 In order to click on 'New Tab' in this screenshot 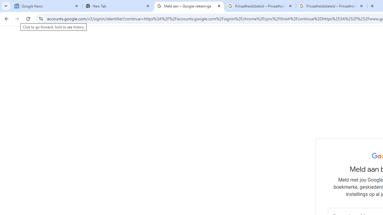, I will do `click(118, 6)`.